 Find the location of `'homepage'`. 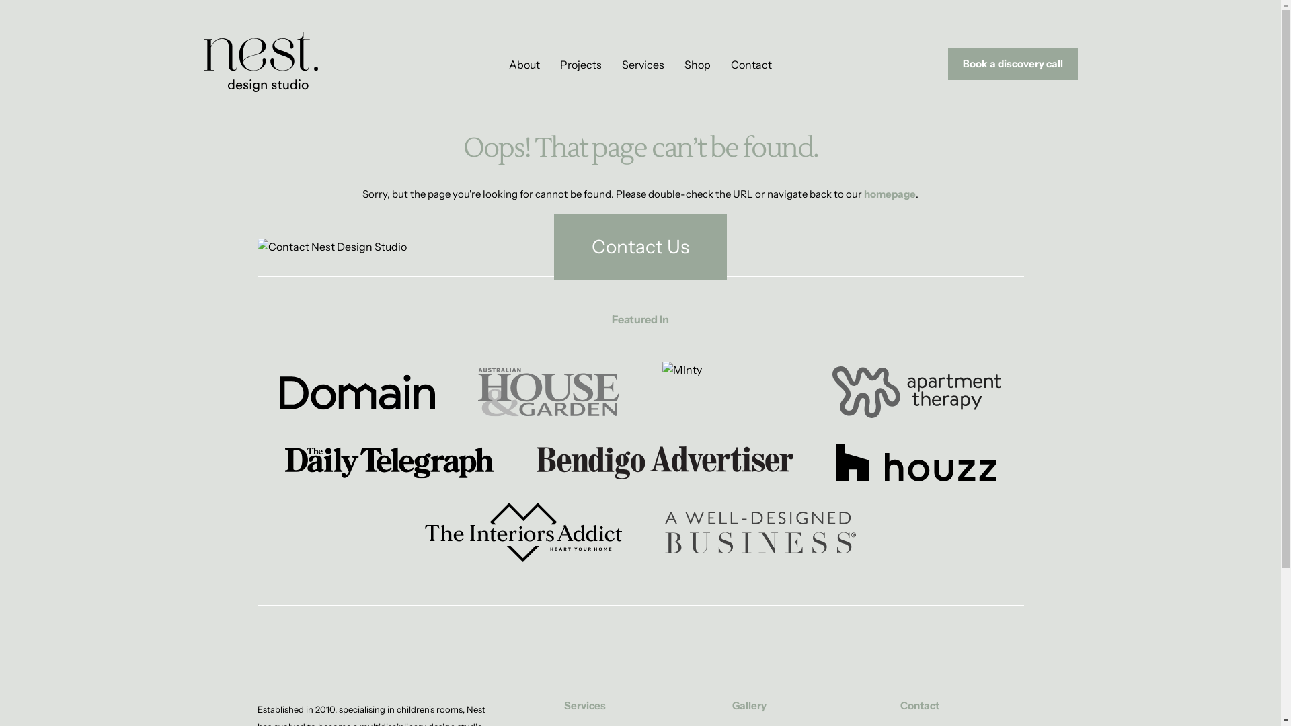

'homepage' is located at coordinates (890, 194).